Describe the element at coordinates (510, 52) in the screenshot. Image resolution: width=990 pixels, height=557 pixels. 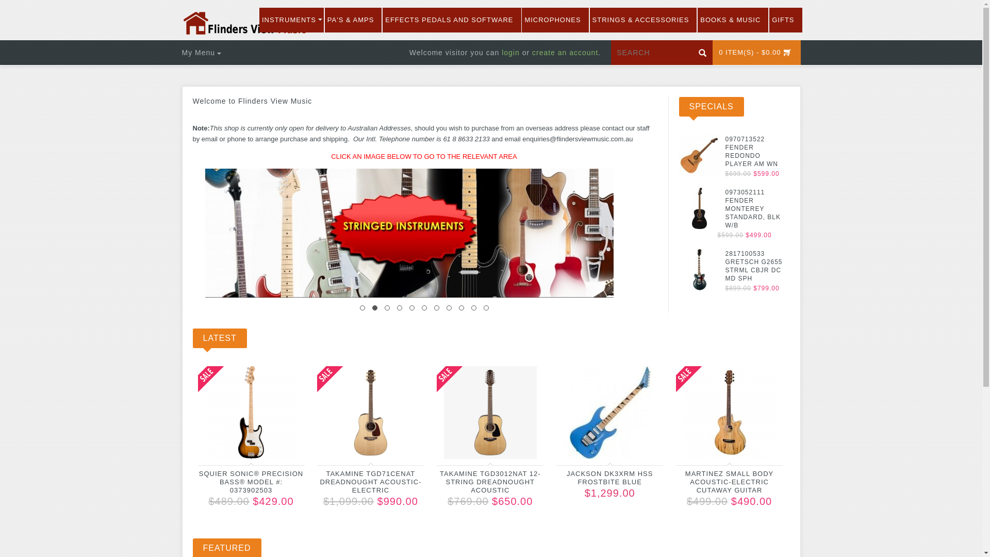
I see `'login'` at that location.